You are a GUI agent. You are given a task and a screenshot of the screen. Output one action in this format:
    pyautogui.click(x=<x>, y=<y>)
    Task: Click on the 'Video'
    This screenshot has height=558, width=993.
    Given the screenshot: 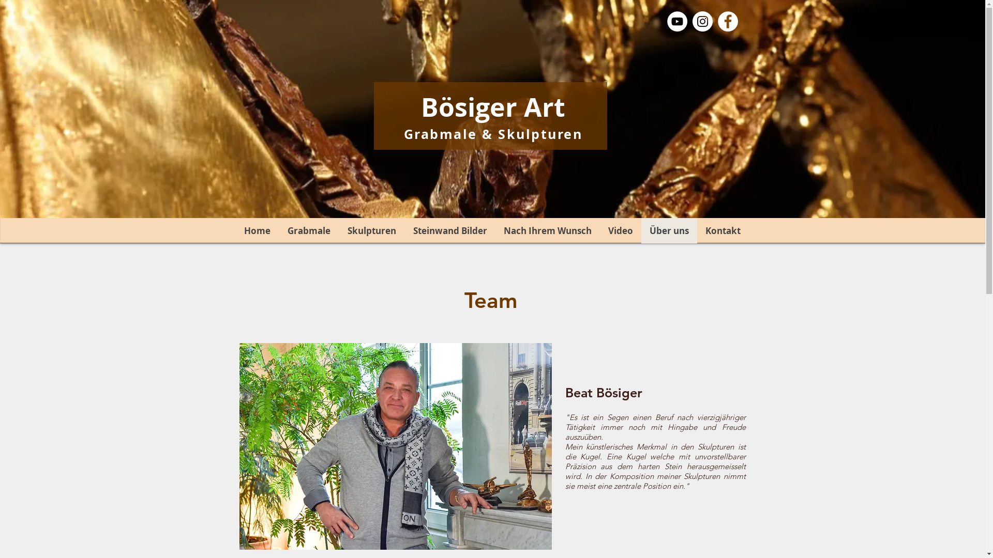 What is the action you would take?
    pyautogui.click(x=621, y=230)
    